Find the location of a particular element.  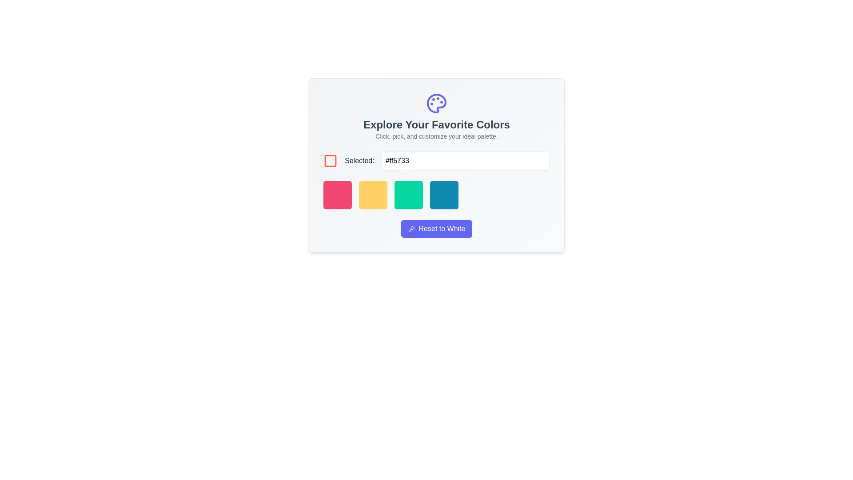

decorative icon associated with the 'Reset to White' button, which is positioned on the left side of the button and aligned centrally within its height is located at coordinates (411, 228).